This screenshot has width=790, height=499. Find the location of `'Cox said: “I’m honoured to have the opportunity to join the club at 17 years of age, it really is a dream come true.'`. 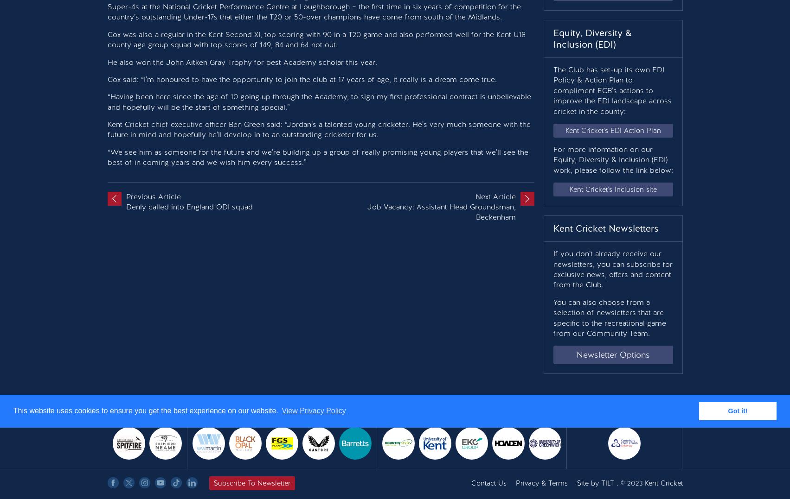

'Cox said: “I’m honoured to have the opportunity to join the club at 17 years of age, it really is a dream come true.' is located at coordinates (301, 78).